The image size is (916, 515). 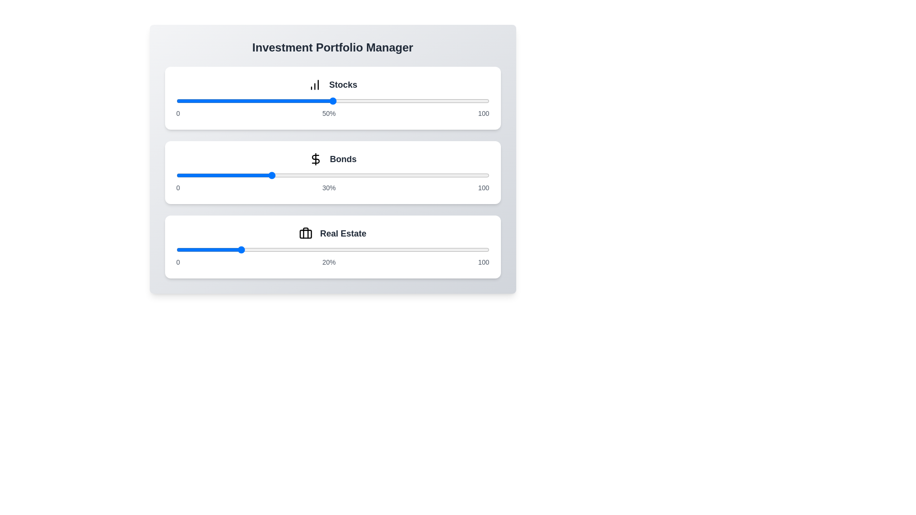 I want to click on the slider for Stocks, so click(x=333, y=101).